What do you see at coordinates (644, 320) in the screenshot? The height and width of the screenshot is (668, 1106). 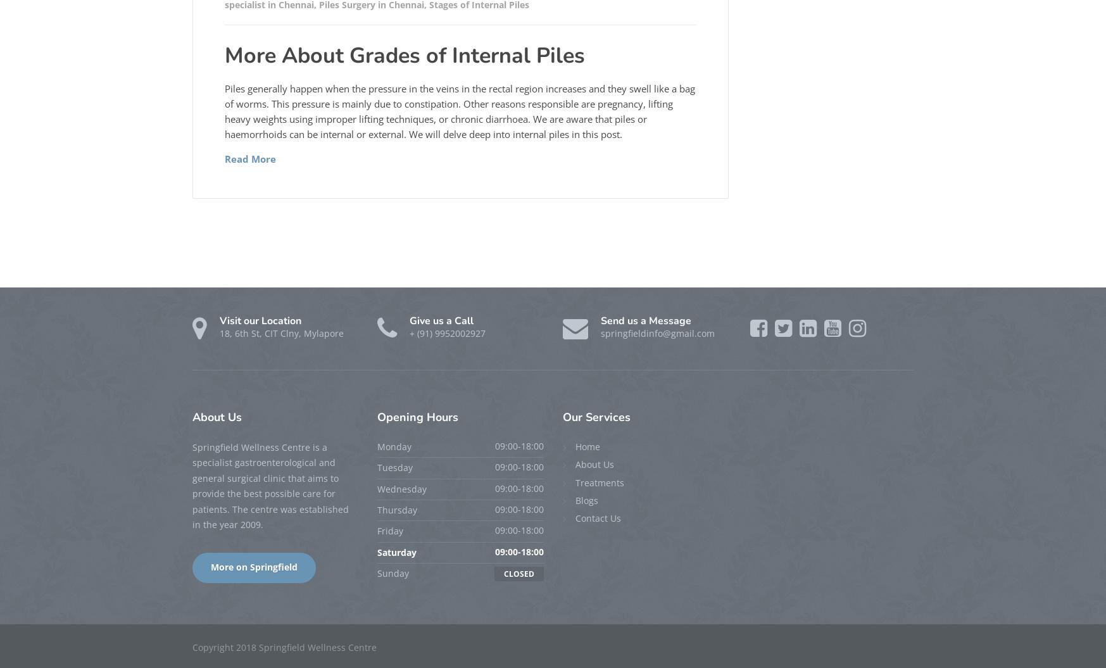 I see `'Send us a Message'` at bounding box center [644, 320].